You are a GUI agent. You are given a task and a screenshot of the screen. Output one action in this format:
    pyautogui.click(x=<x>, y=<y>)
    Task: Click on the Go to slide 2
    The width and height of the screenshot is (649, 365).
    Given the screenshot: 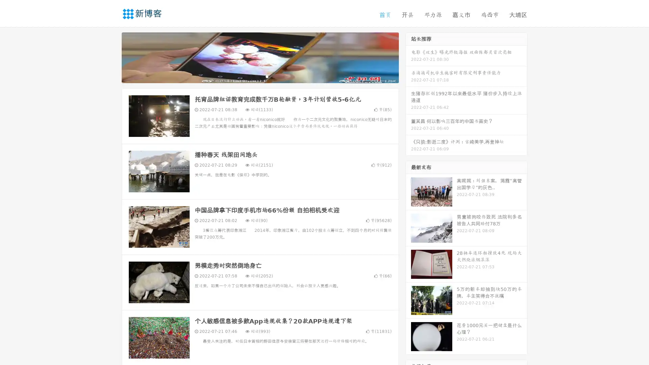 What is the action you would take?
    pyautogui.click(x=260, y=76)
    